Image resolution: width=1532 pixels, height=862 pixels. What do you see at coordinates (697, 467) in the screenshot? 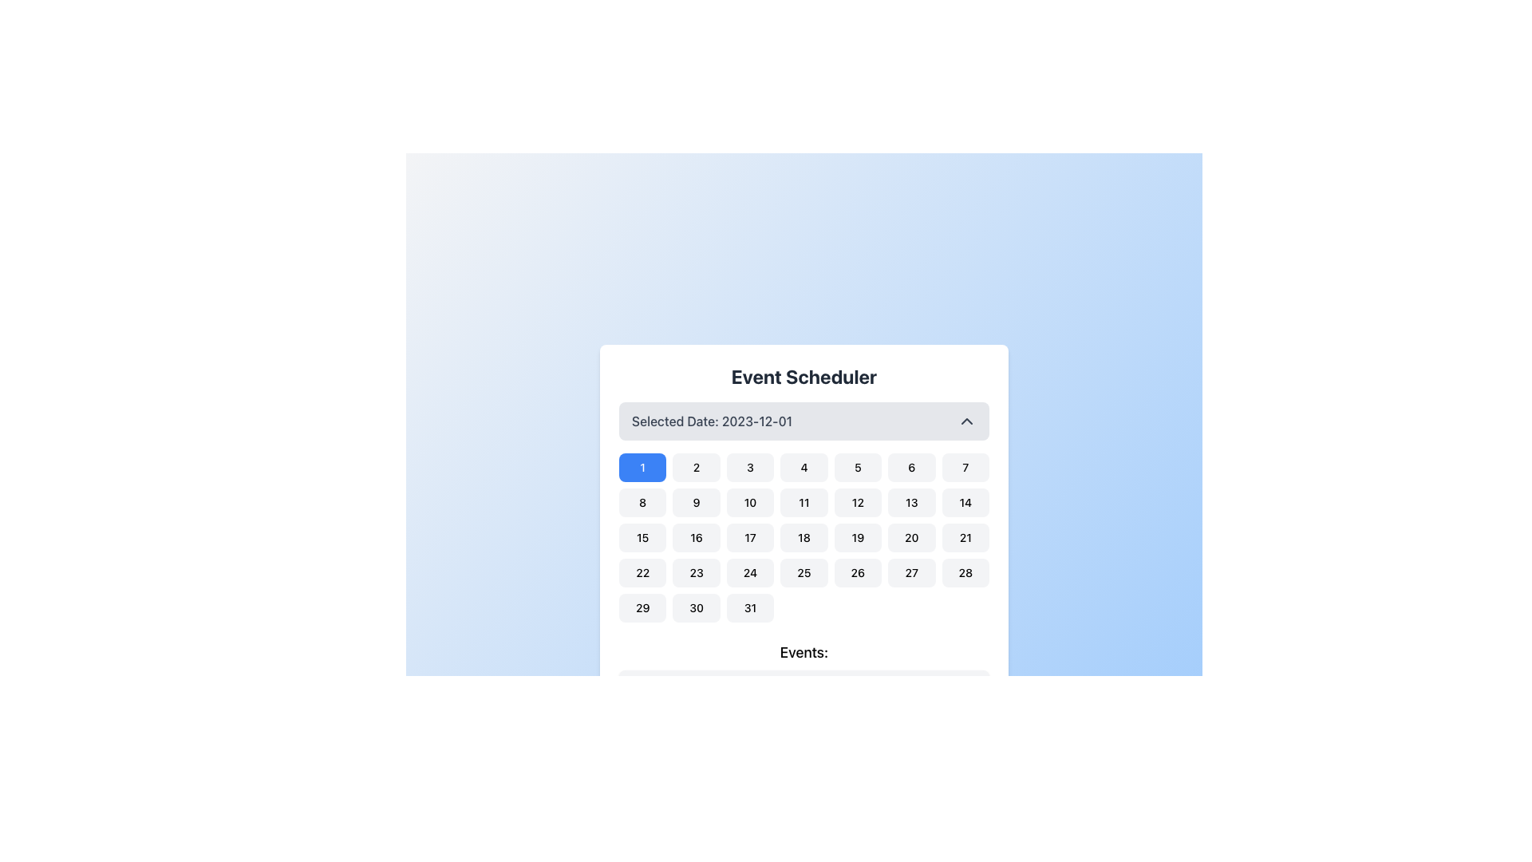
I see `the second button in the top row of the calendar grid to trigger its hover state` at bounding box center [697, 467].